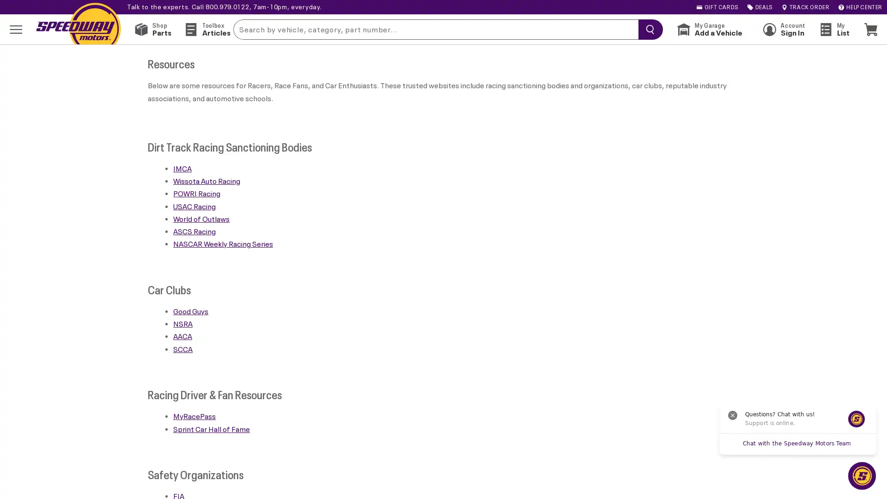 The width and height of the screenshot is (887, 499). What do you see at coordinates (207, 29) in the screenshot?
I see `Toolbox Articles` at bounding box center [207, 29].